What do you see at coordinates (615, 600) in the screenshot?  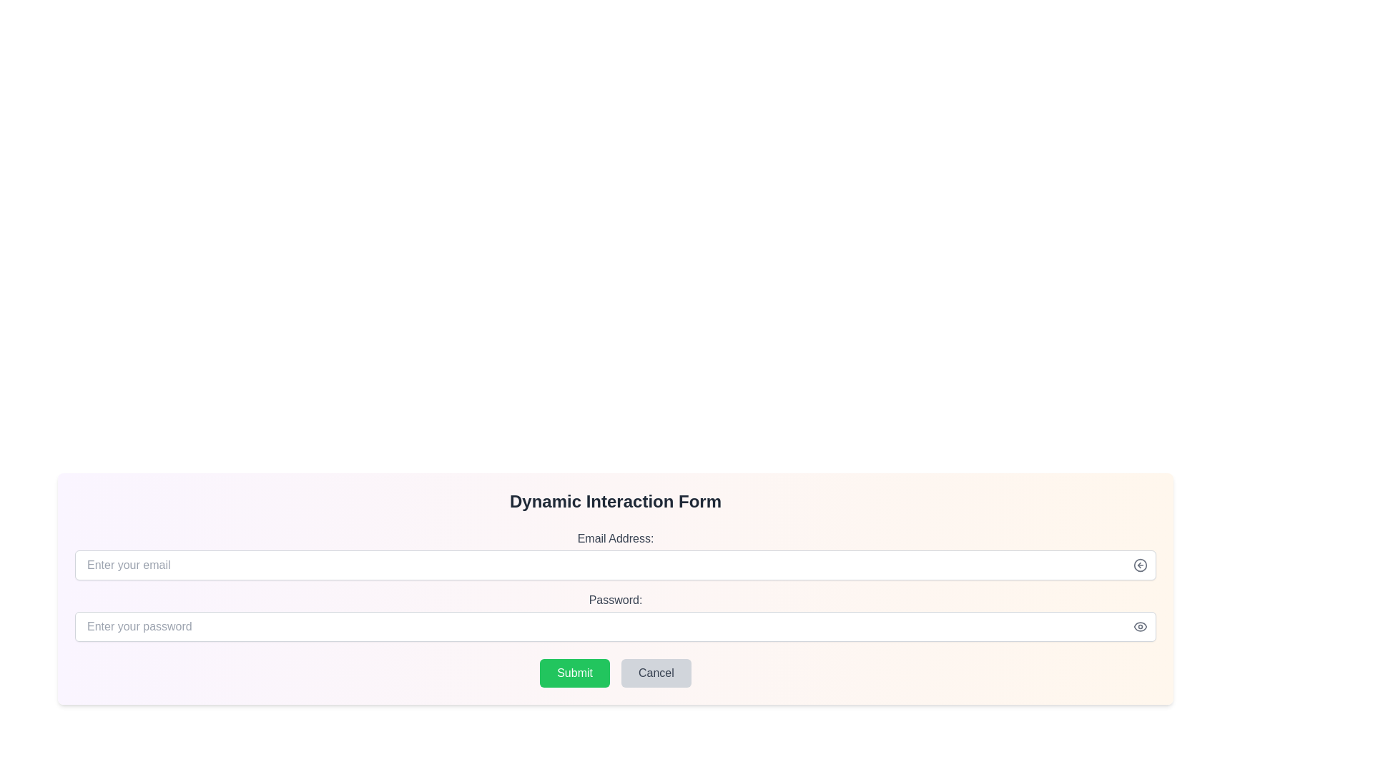 I see `the text label indicating the password input field, which is positioned directly above the password input field and to the left of the visibility toggle icon` at bounding box center [615, 600].